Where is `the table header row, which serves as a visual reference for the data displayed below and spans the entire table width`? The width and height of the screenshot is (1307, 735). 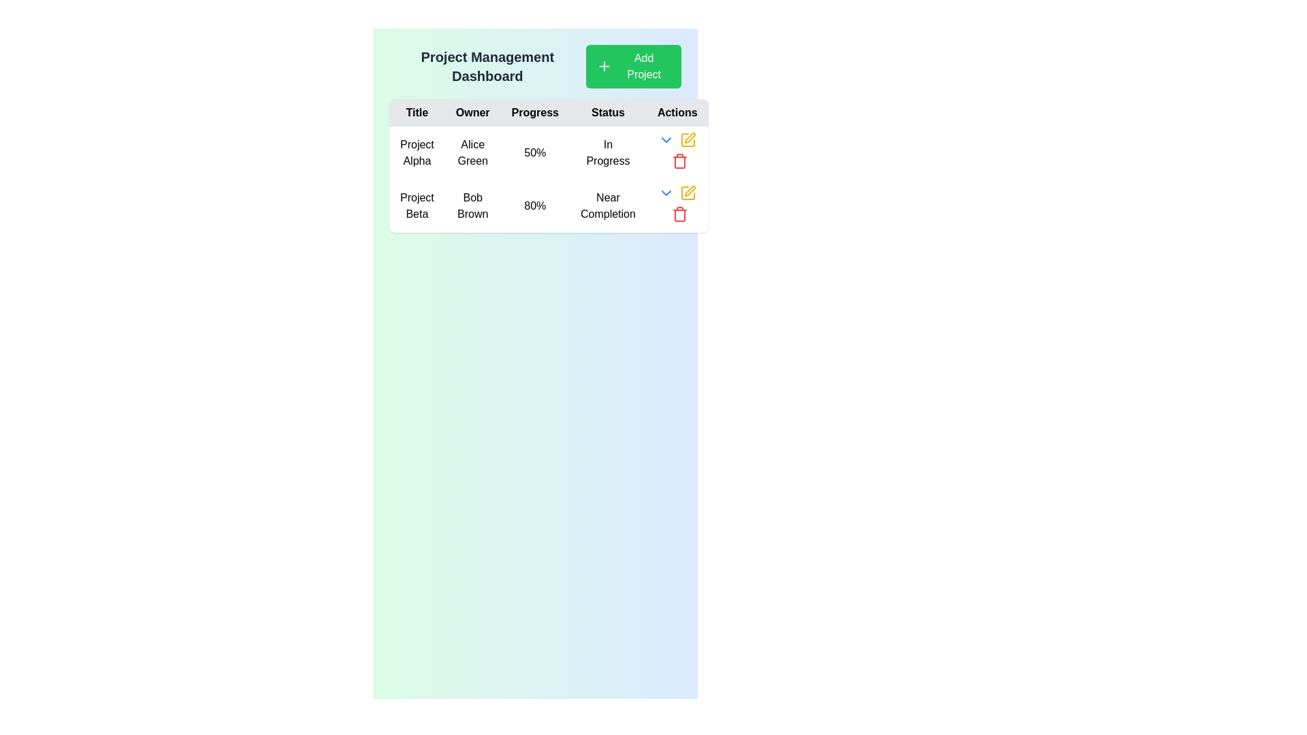
the table header row, which serves as a visual reference for the data displayed below and spans the entire table width is located at coordinates (549, 112).